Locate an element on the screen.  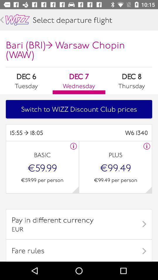
gives more information is located at coordinates (146, 146).